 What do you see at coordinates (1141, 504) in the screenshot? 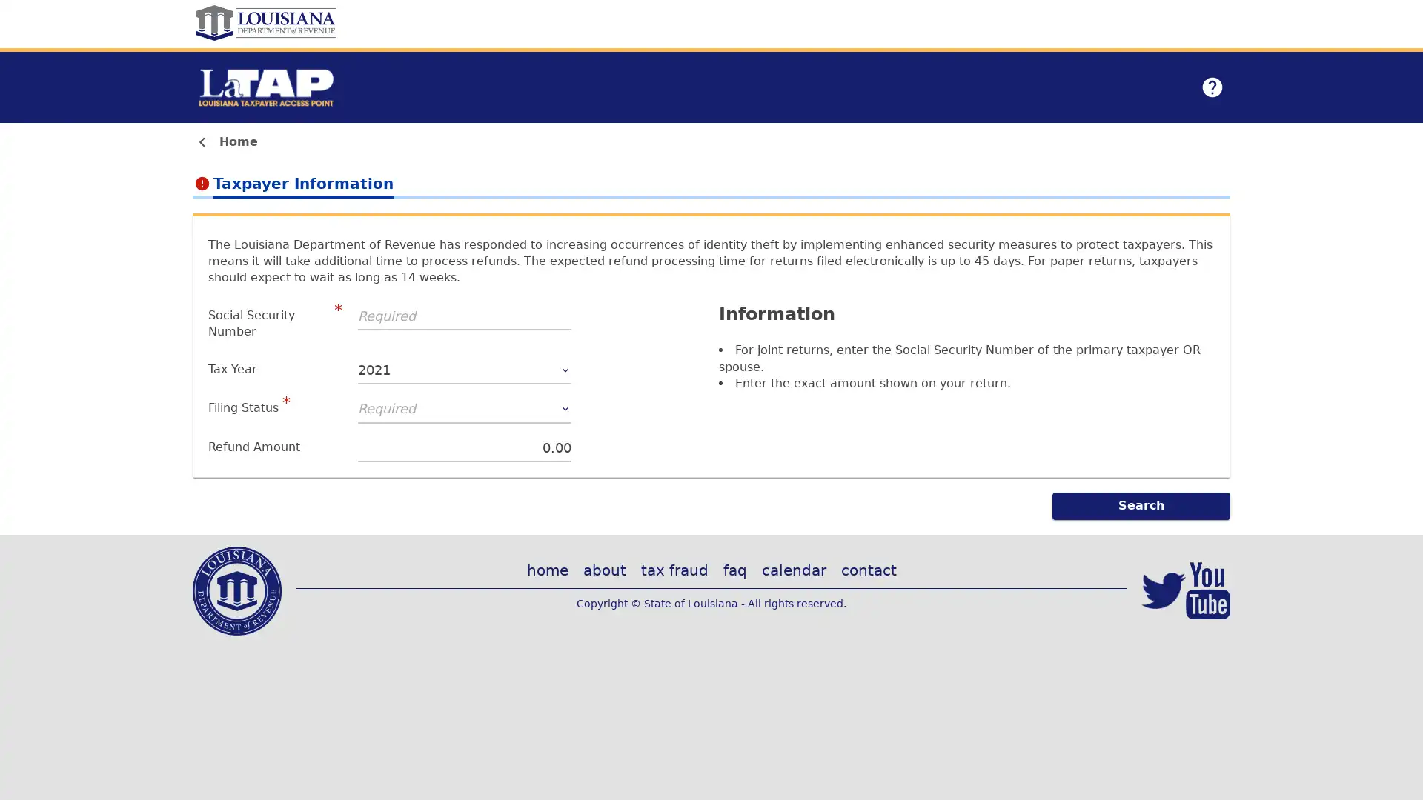
I see `Search` at bounding box center [1141, 504].